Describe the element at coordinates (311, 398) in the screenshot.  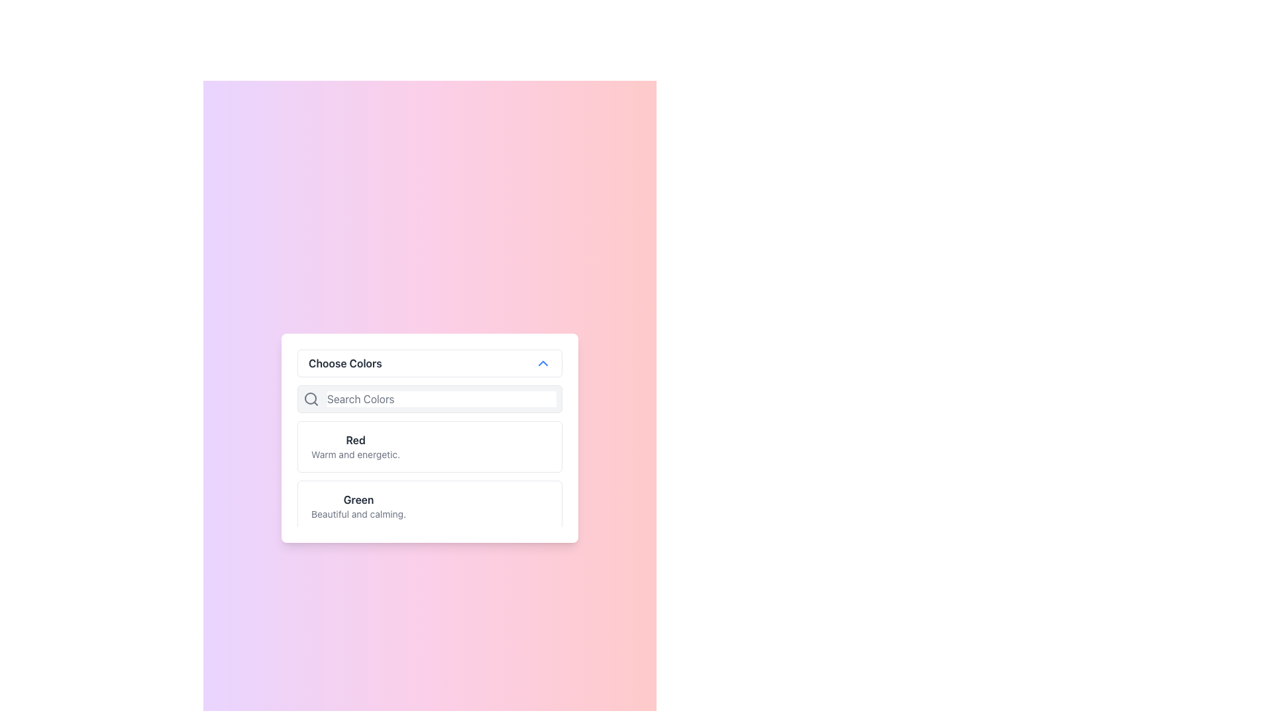
I see `the search icon located to the immediate left of the text input field in the search bar component labeled 'Choose Colors'` at that location.